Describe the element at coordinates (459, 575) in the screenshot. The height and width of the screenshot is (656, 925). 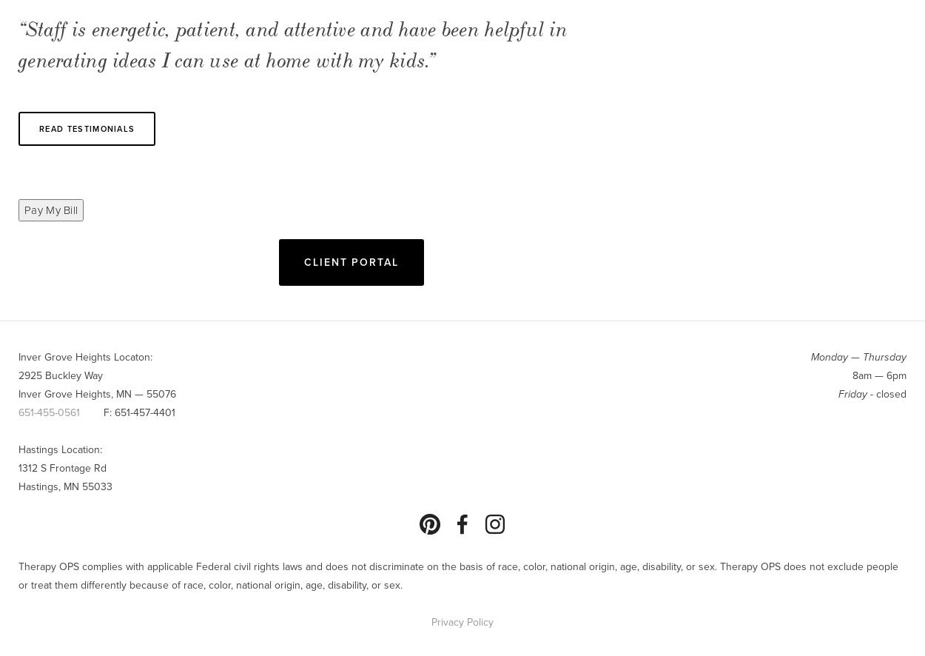
I see `'Therapy OPS complies with applicable Federal civil rights laws and does not discriminate on the basis of race, color, national origin, age, disability, or sex. Therapy OPS does not exclude people or treat them differently because of race, color, national origin, age, disability, or sex.'` at that location.